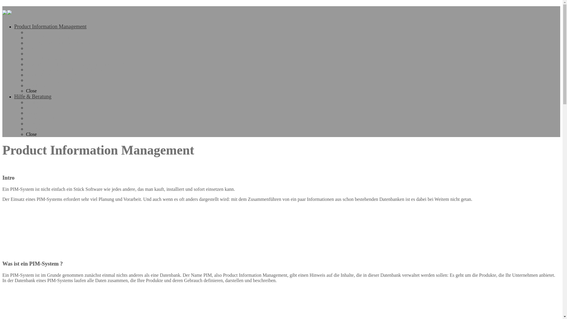  I want to click on 'Datenbanken in der Marketing-Abteilung', so click(65, 69).